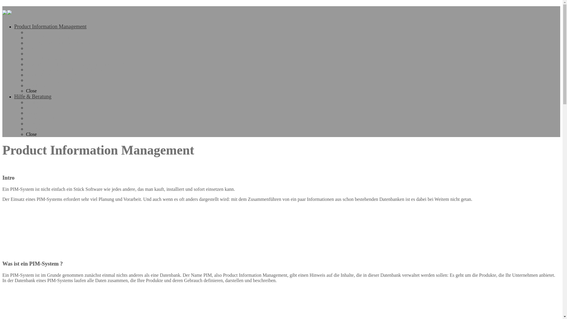  I want to click on 'Datenbanken in der Marketing-Abteilung', so click(65, 69).